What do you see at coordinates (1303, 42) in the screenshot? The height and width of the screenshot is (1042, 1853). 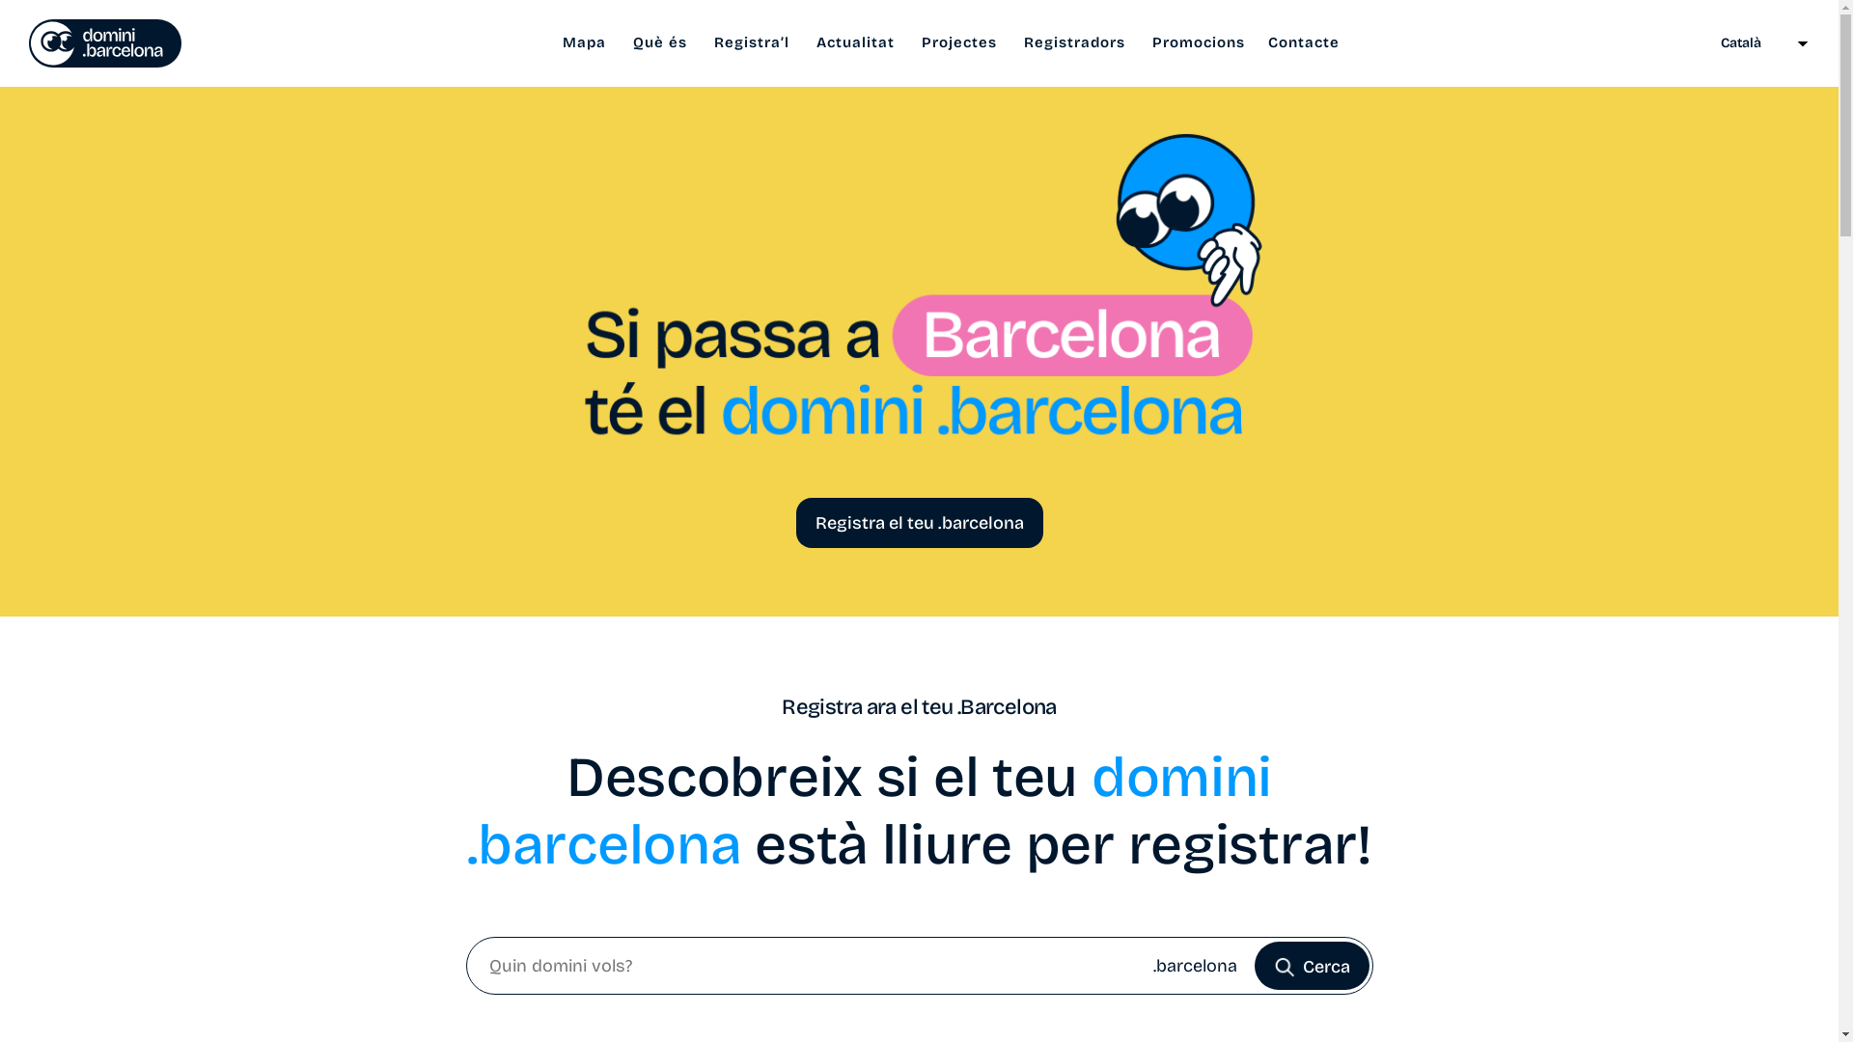 I see `'Contacte'` at bounding box center [1303, 42].